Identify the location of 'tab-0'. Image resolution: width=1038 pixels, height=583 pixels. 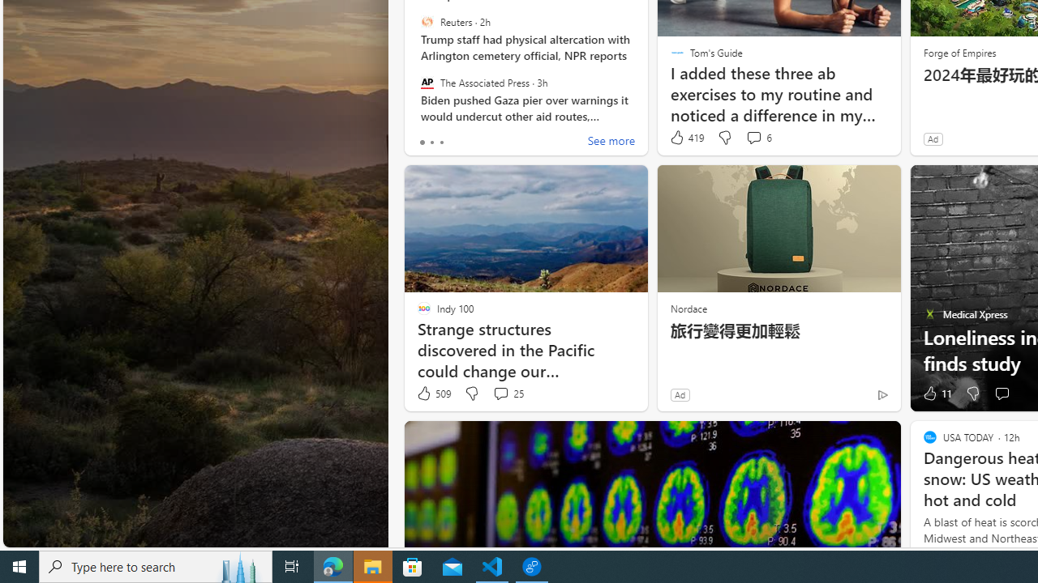
(422, 142).